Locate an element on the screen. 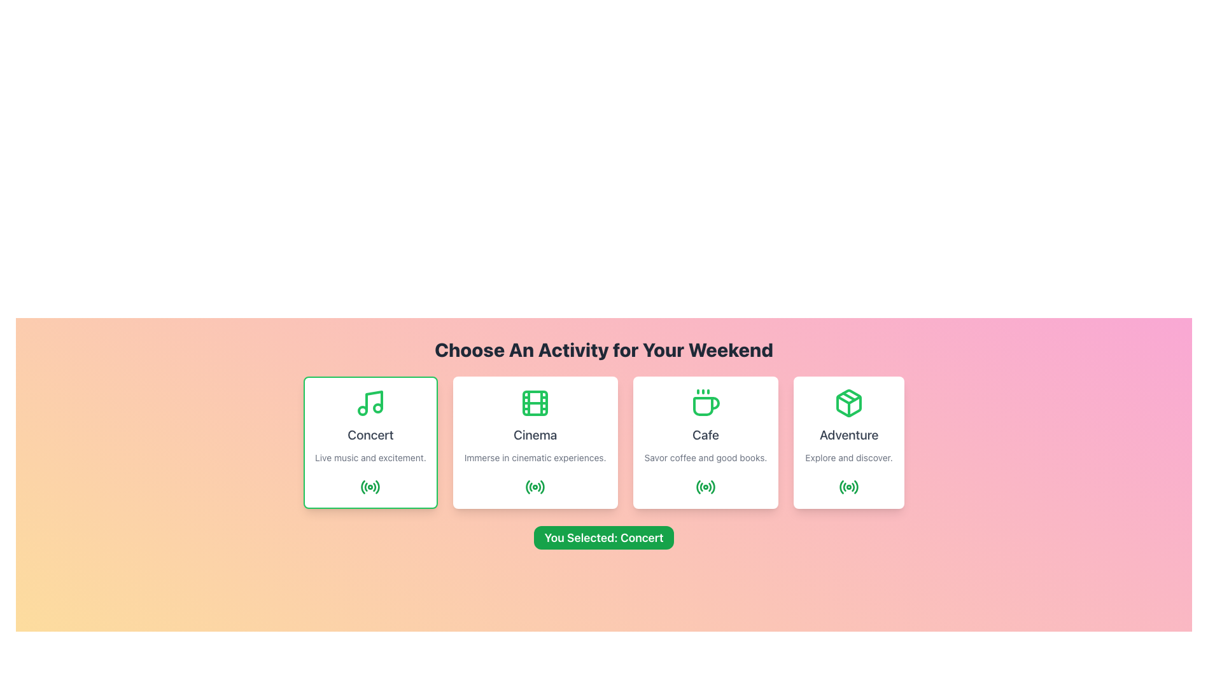  the 'Concert' icon located in the top section of the first card in a horizontally arranged group of options is located at coordinates (370, 403).